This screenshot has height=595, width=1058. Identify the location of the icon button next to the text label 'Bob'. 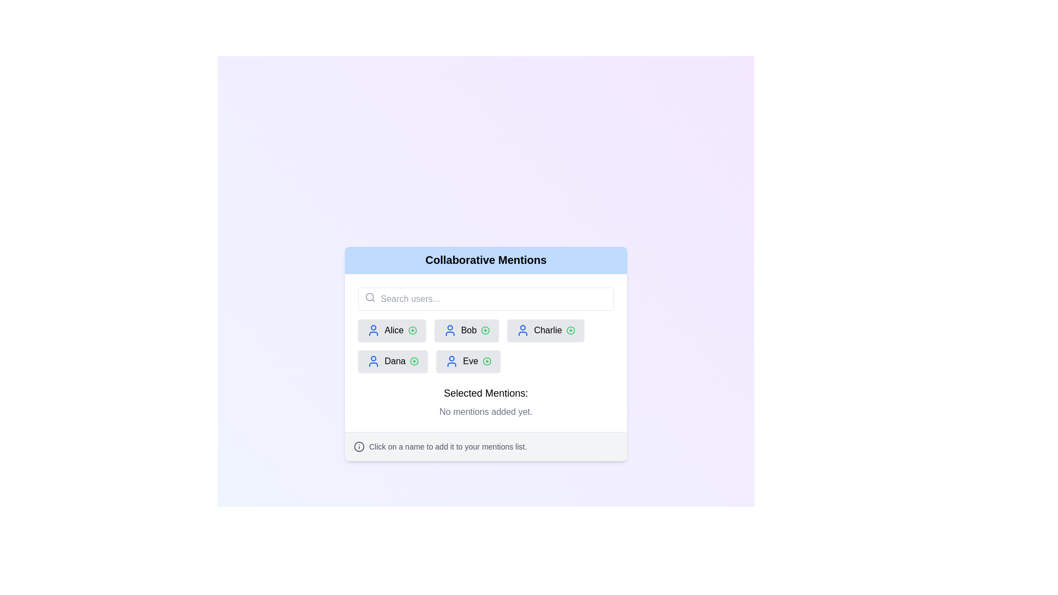
(485, 329).